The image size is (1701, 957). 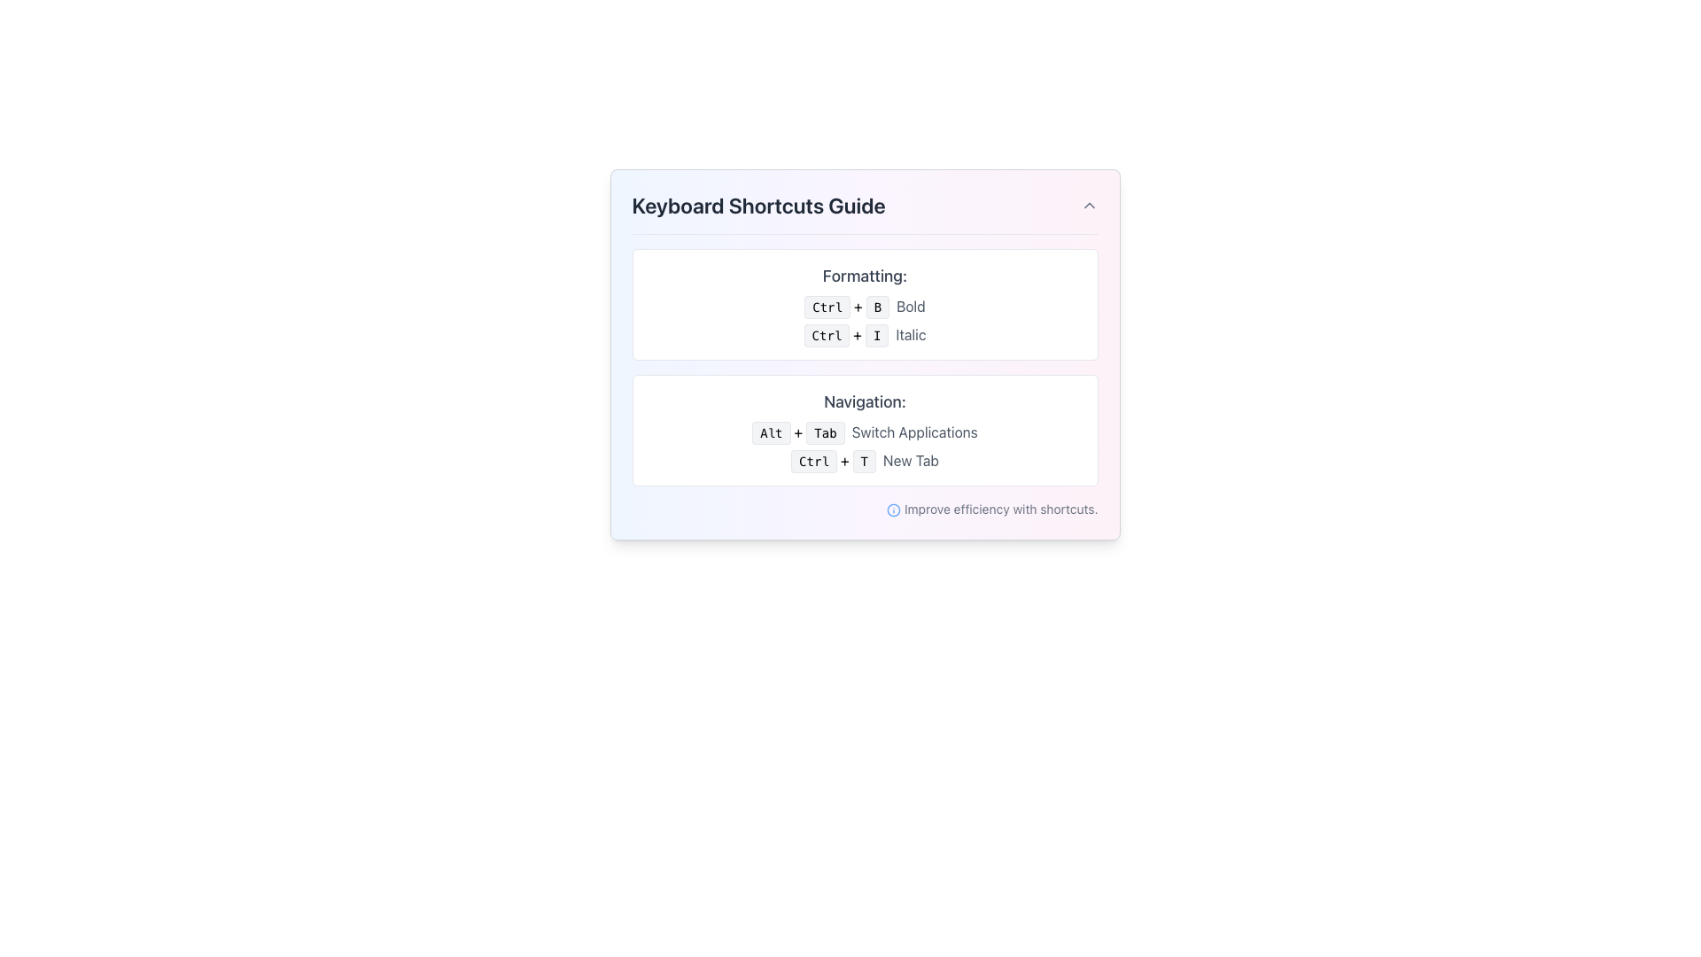 What do you see at coordinates (1088, 204) in the screenshot?
I see `the chevron-up icon button styled in gray, located to the right of the title 'Keyboard Shortcuts Guide'` at bounding box center [1088, 204].